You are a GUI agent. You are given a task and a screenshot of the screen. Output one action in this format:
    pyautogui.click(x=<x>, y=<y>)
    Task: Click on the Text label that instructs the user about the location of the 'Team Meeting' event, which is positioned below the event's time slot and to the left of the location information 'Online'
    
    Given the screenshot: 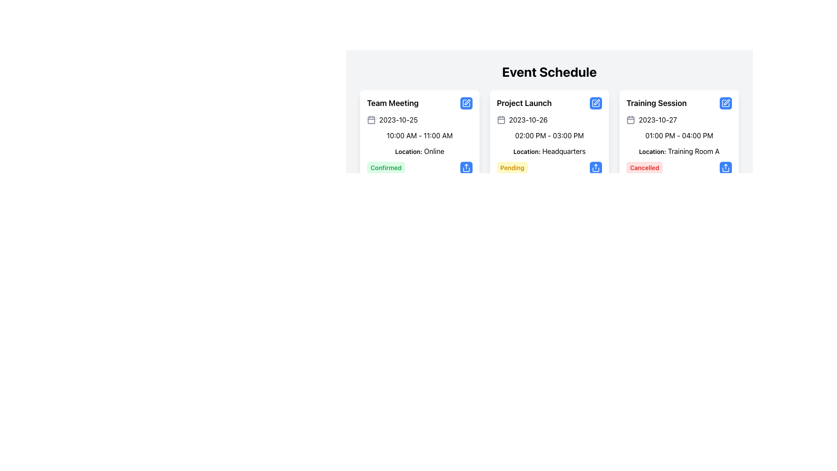 What is the action you would take?
    pyautogui.click(x=408, y=151)
    